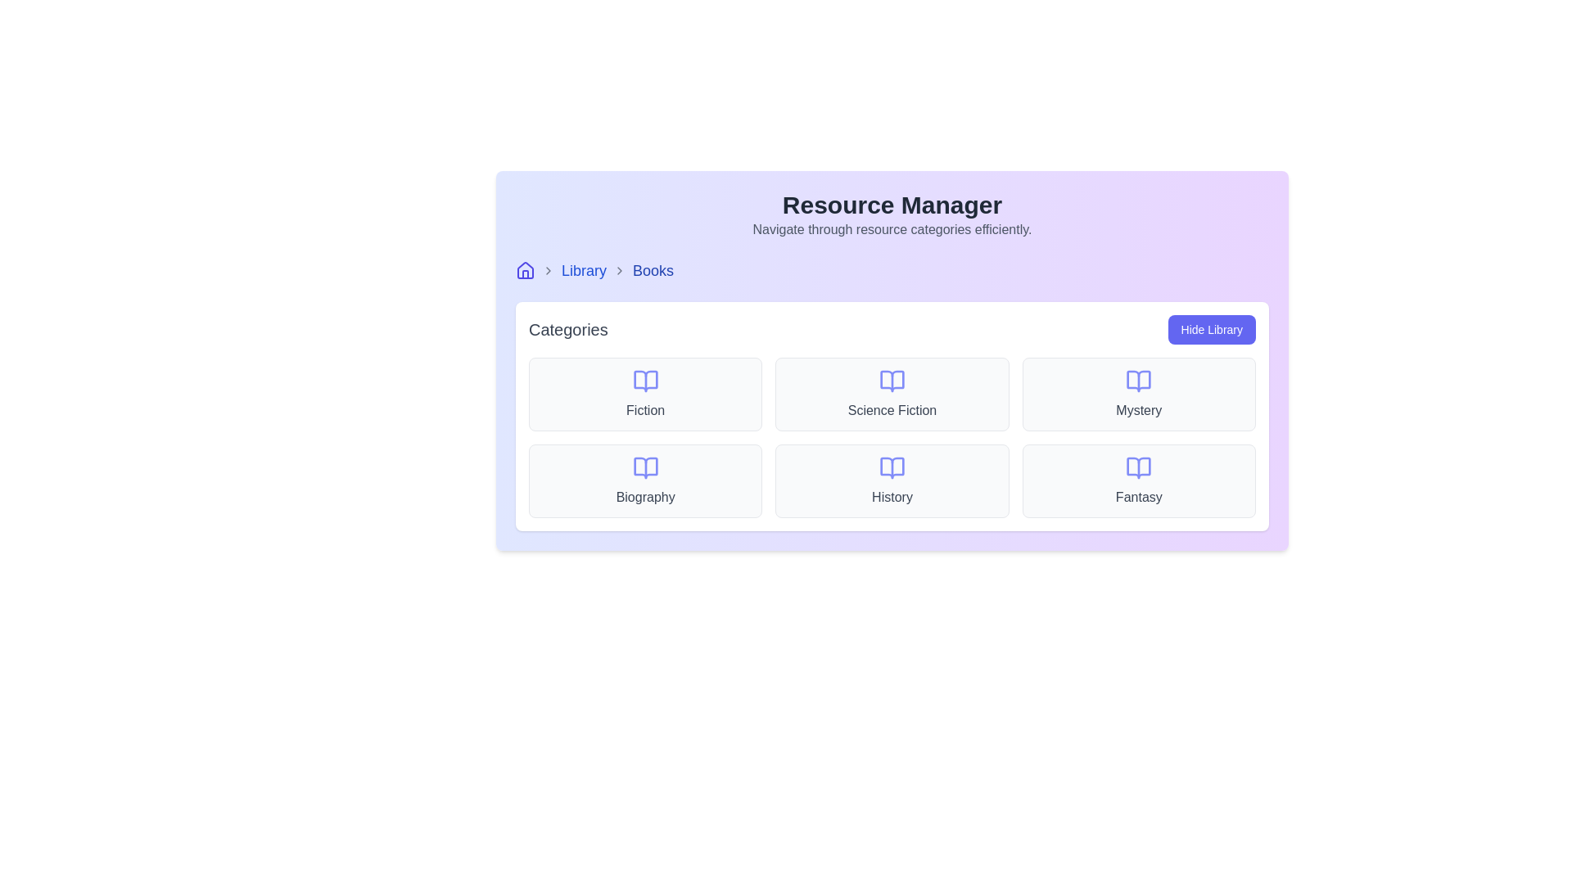 This screenshot has width=1572, height=884. Describe the element at coordinates (584, 270) in the screenshot. I see `the 'Library' link in the breadcrumb navigation bar` at that location.